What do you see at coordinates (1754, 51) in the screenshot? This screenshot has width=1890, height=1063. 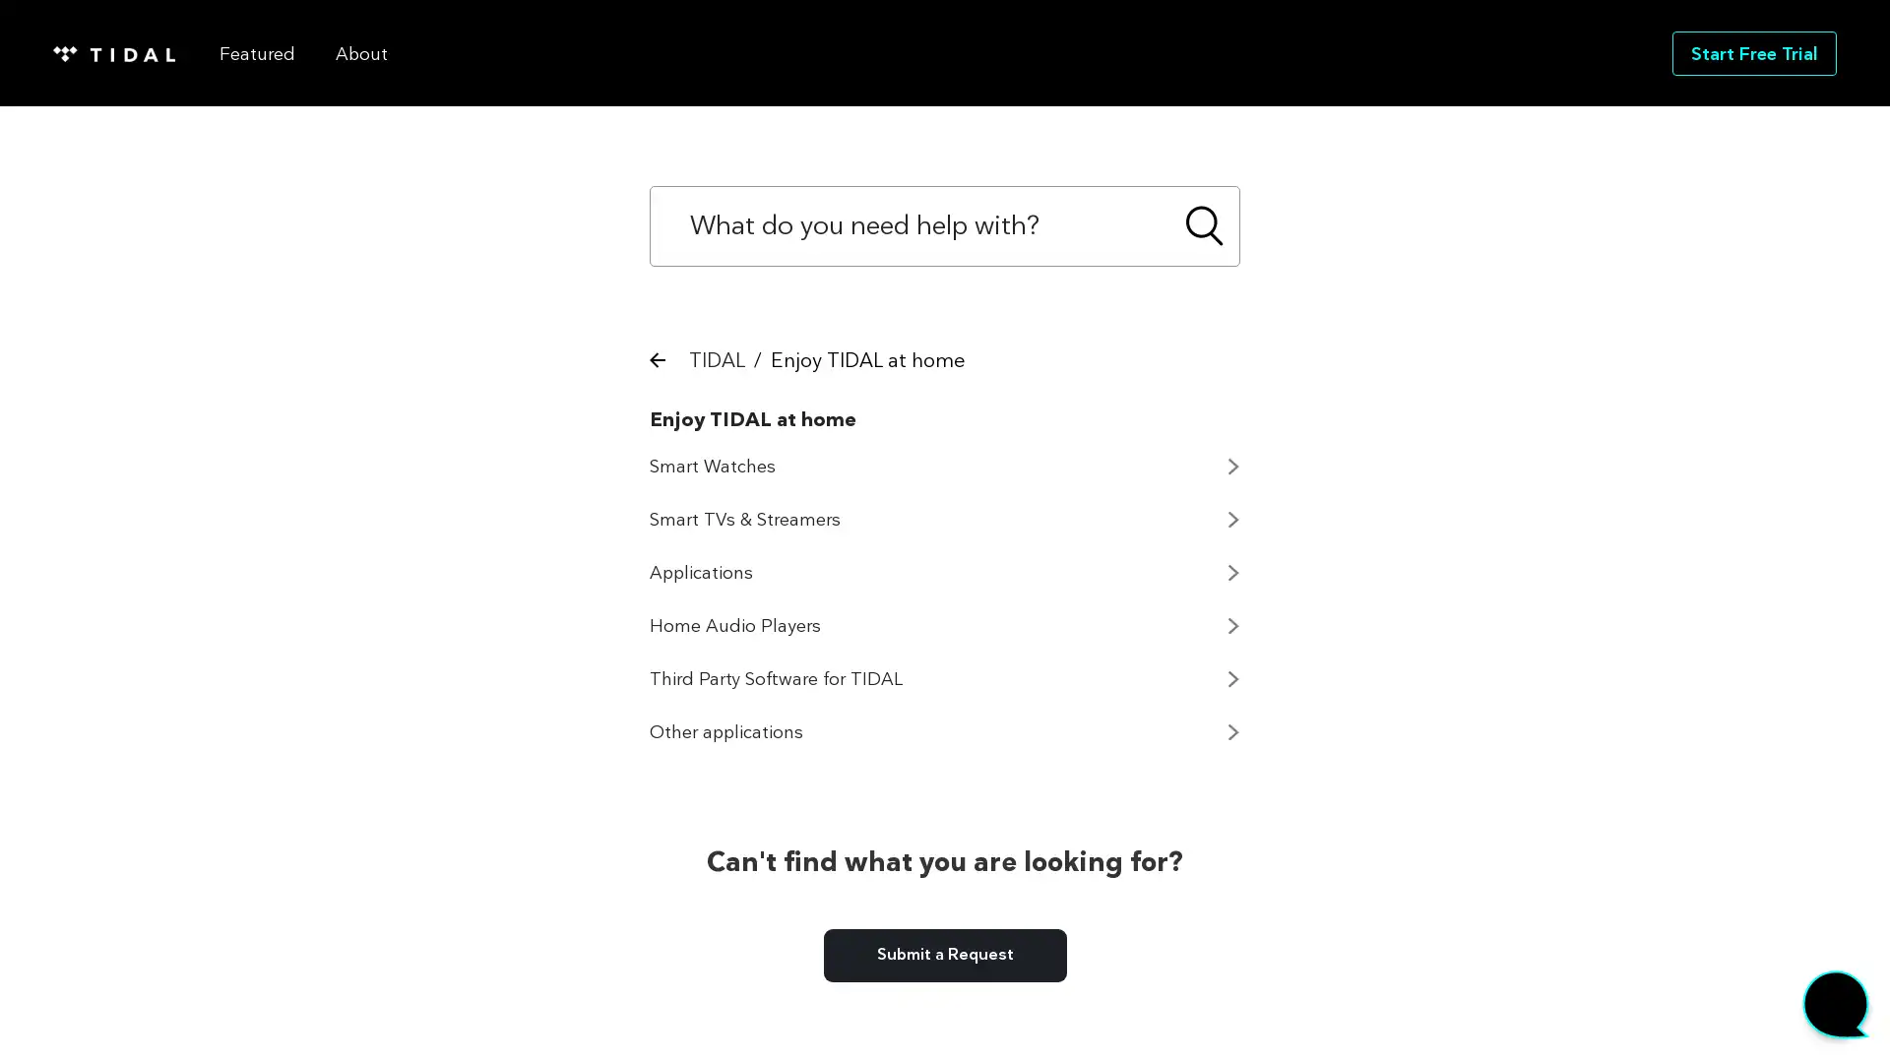 I see `Start Free Trial` at bounding box center [1754, 51].